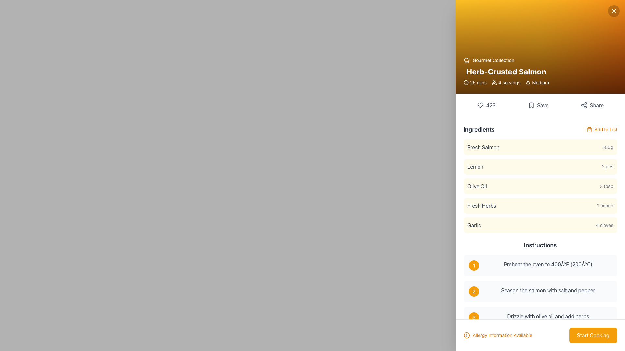 Image resolution: width=625 pixels, height=351 pixels. Describe the element at coordinates (604, 205) in the screenshot. I see `the text label displaying '1 bunch' in gray font, located beside 'Fresh Herbs' in the 'Ingredients' section` at that location.